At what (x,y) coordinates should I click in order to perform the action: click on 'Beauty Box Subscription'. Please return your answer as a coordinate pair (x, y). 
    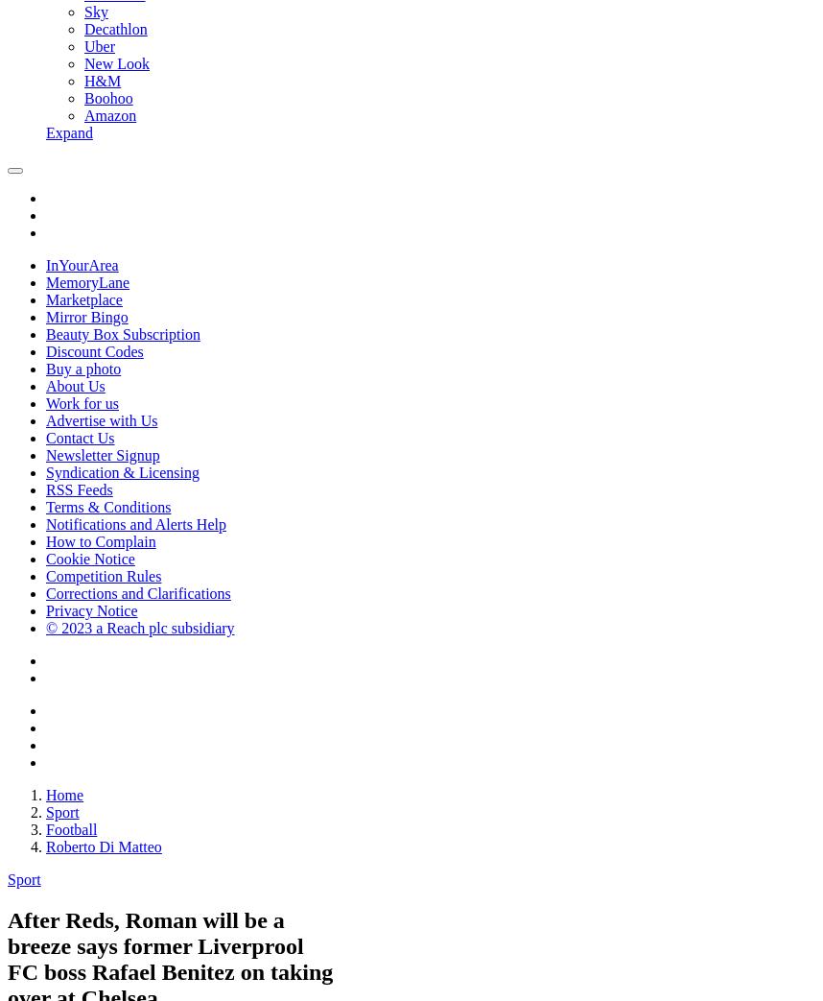
    Looking at the image, I should click on (123, 333).